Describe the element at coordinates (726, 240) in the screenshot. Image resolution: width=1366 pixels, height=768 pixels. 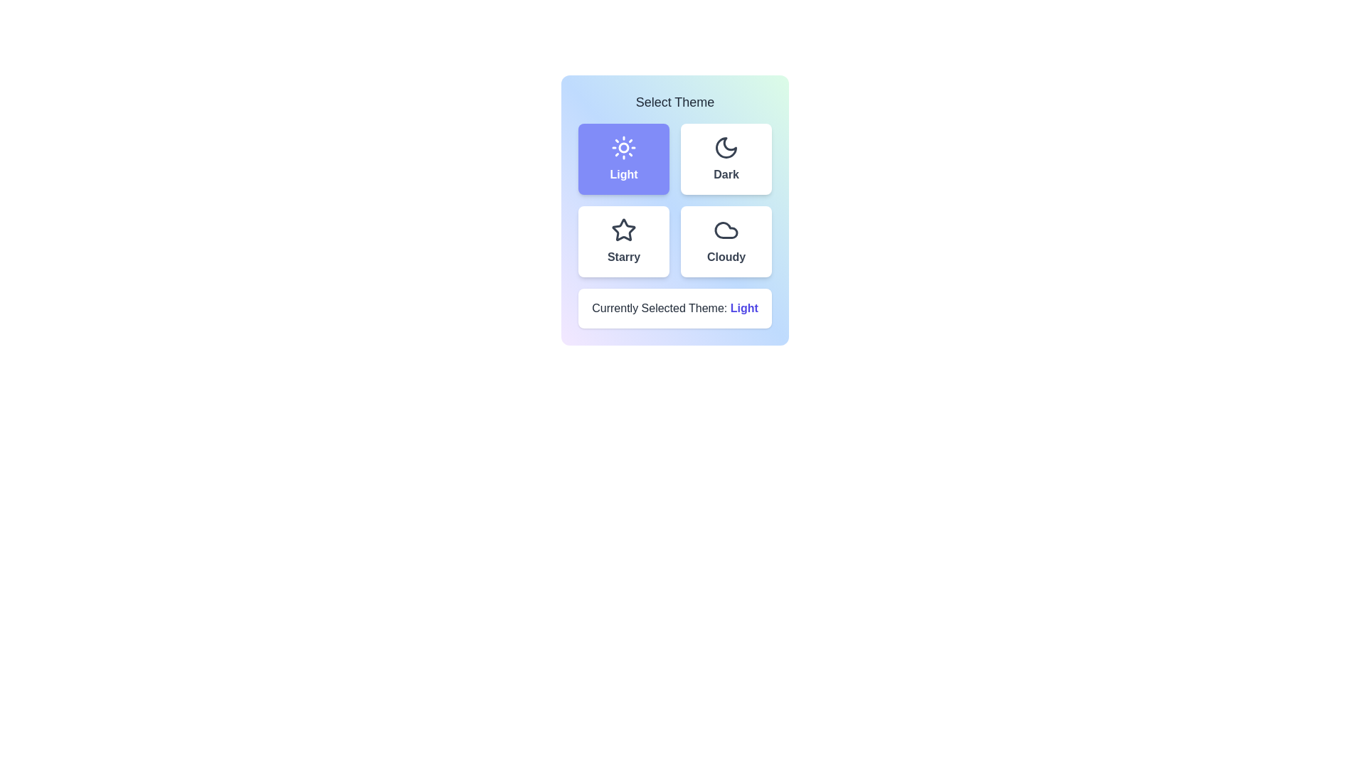
I see `the theme button corresponding to Cloudy` at that location.